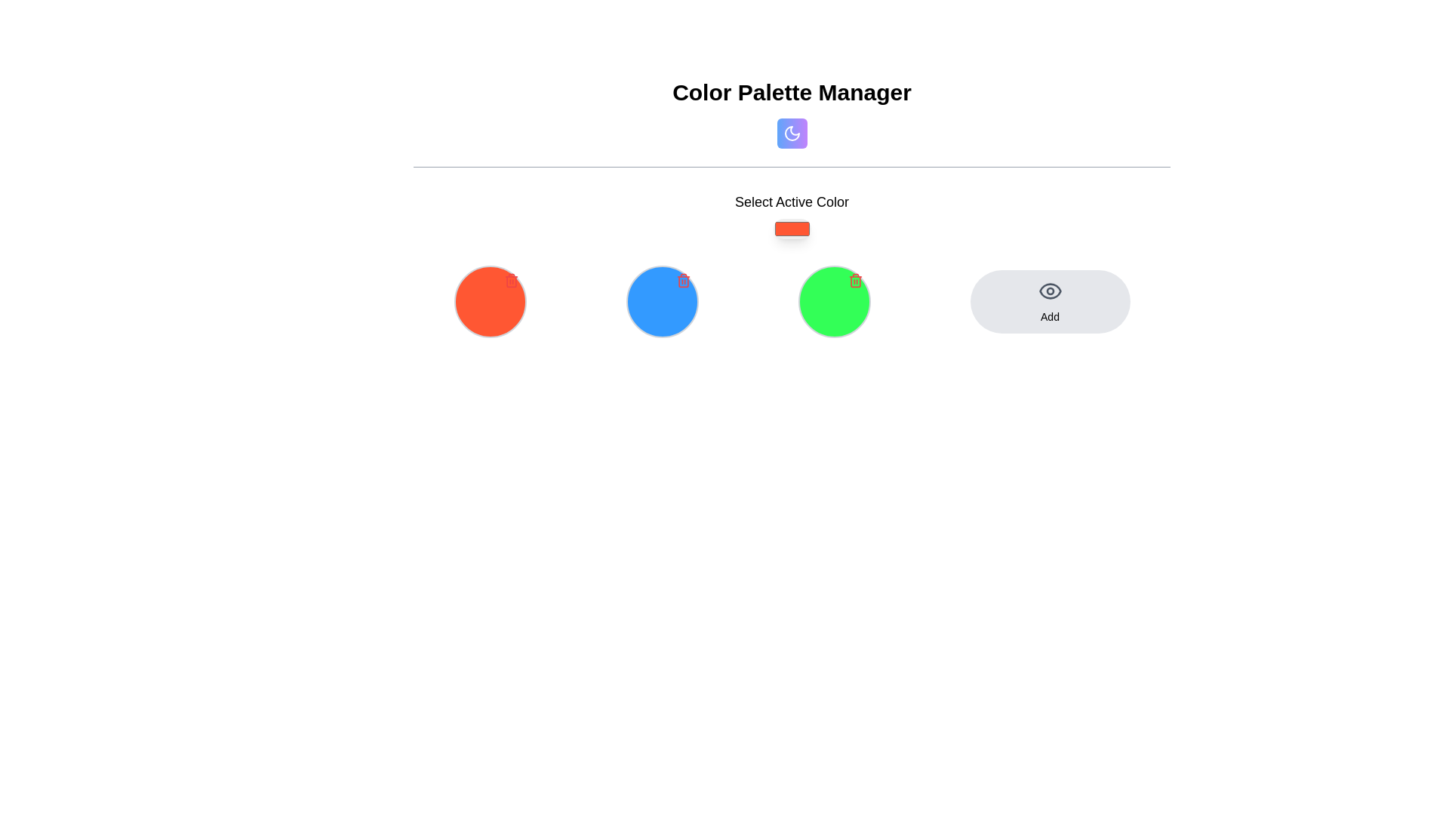  Describe the element at coordinates (791, 229) in the screenshot. I see `the rectangular color picker with rounded corners and a solid orange background, located under the 'Select Active Color' label` at that location.